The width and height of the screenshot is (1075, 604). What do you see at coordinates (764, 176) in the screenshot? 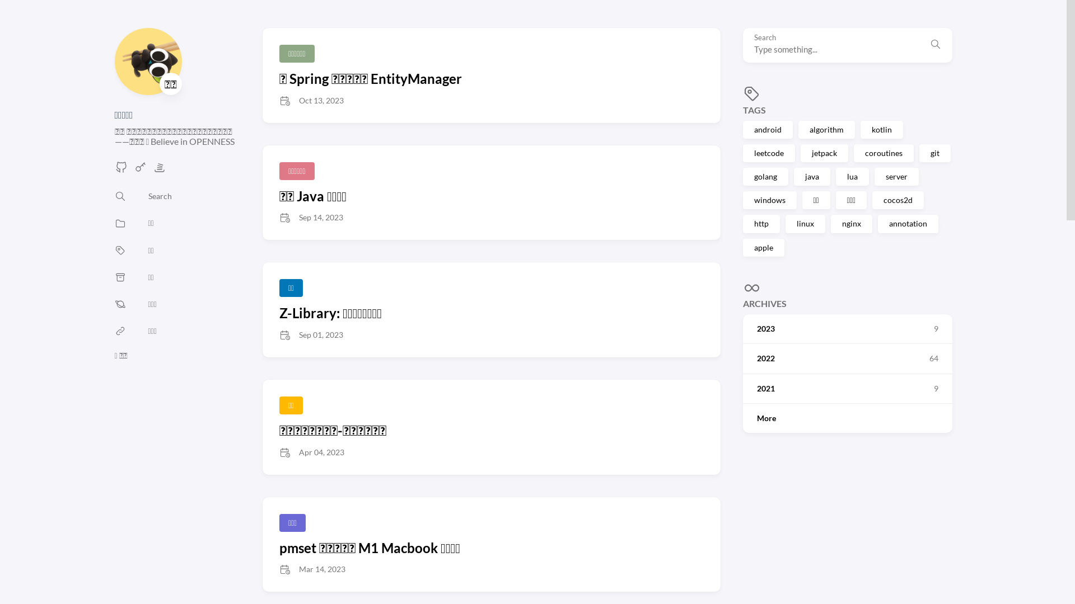
I see `'golang'` at bounding box center [764, 176].